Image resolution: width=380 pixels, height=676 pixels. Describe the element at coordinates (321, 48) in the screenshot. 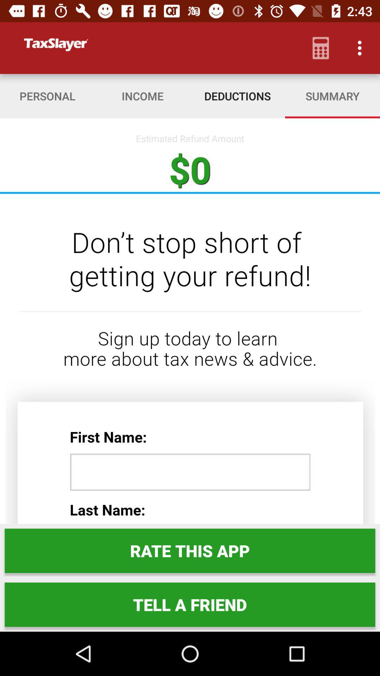

I see `item above the summary item` at that location.